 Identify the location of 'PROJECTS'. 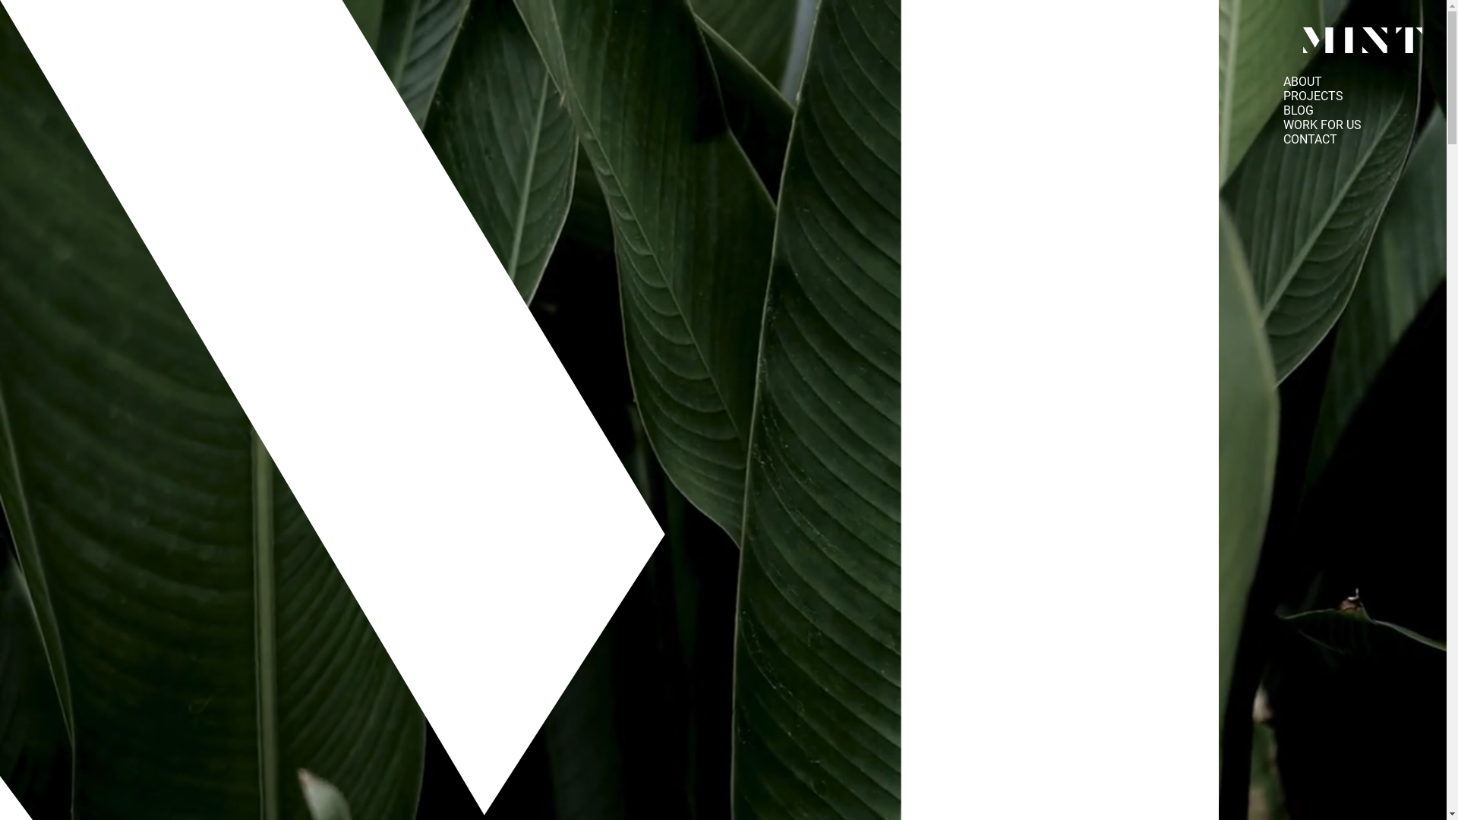
(1312, 96).